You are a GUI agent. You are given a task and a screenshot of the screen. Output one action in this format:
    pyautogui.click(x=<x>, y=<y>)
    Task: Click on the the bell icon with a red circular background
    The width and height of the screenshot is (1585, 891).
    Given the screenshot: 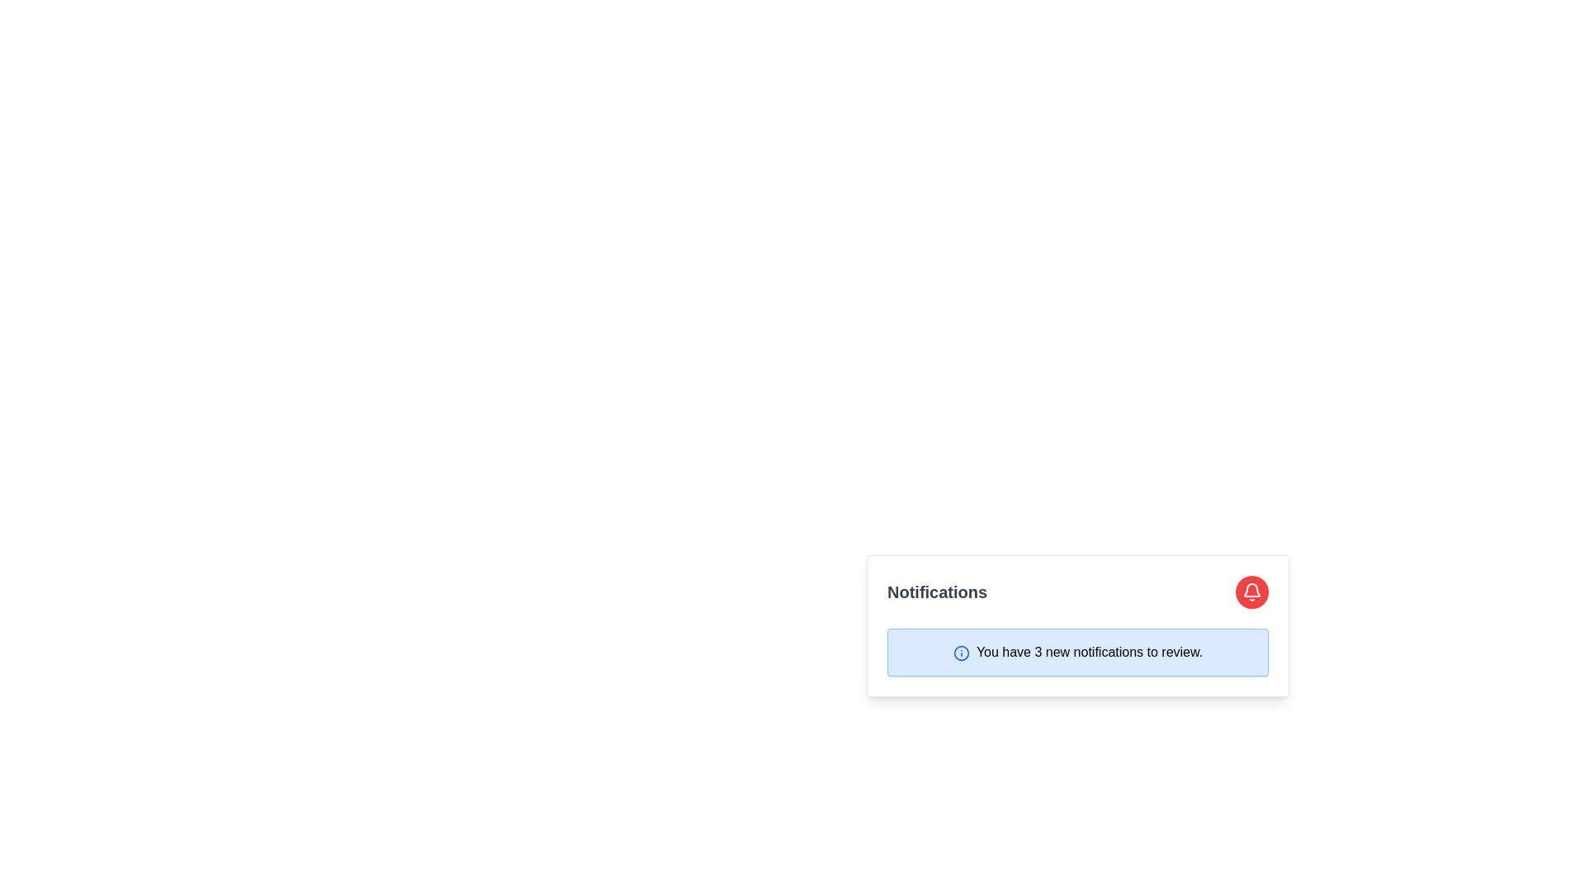 What is the action you would take?
    pyautogui.click(x=1251, y=591)
    